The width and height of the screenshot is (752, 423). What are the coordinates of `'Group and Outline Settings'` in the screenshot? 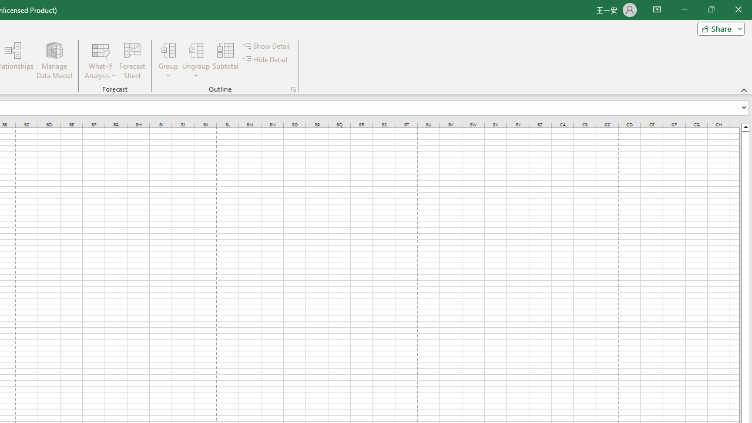 It's located at (293, 88).